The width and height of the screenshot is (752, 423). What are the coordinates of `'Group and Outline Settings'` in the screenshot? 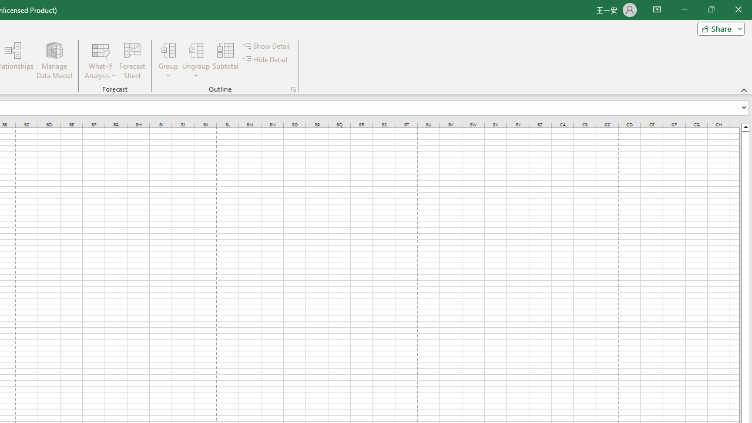 It's located at (293, 88).